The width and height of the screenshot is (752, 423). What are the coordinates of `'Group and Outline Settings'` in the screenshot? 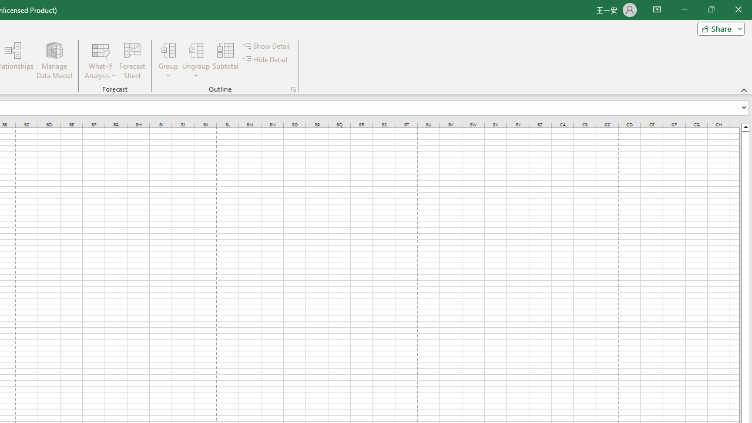 It's located at (293, 88).